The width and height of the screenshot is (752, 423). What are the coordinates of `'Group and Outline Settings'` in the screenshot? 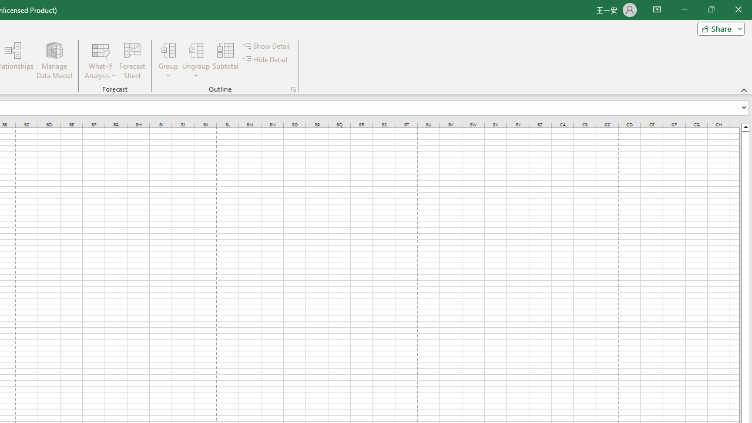 It's located at (293, 88).